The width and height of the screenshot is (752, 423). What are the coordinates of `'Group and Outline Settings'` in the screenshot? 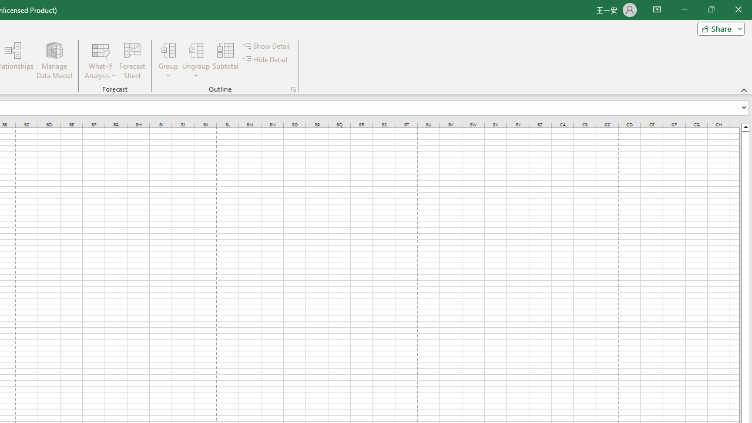 It's located at (293, 88).